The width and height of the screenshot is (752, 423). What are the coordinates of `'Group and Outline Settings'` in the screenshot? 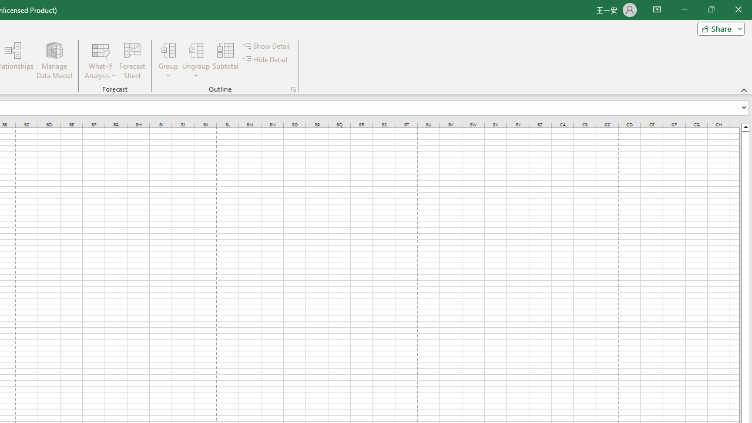 It's located at (293, 88).